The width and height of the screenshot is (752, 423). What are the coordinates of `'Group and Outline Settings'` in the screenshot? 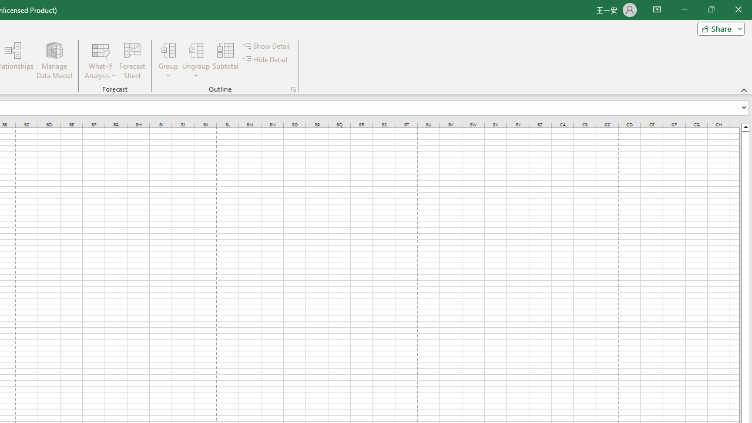 It's located at (293, 88).